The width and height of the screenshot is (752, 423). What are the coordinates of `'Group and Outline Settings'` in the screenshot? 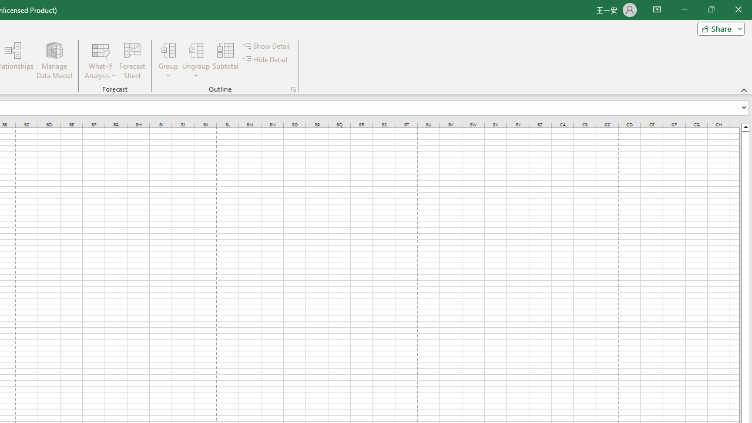 It's located at (293, 88).